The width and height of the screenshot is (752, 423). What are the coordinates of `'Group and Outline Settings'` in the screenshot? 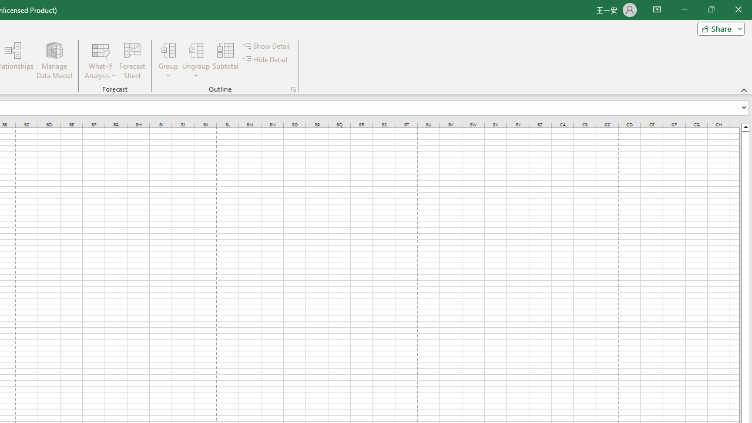 It's located at (293, 88).